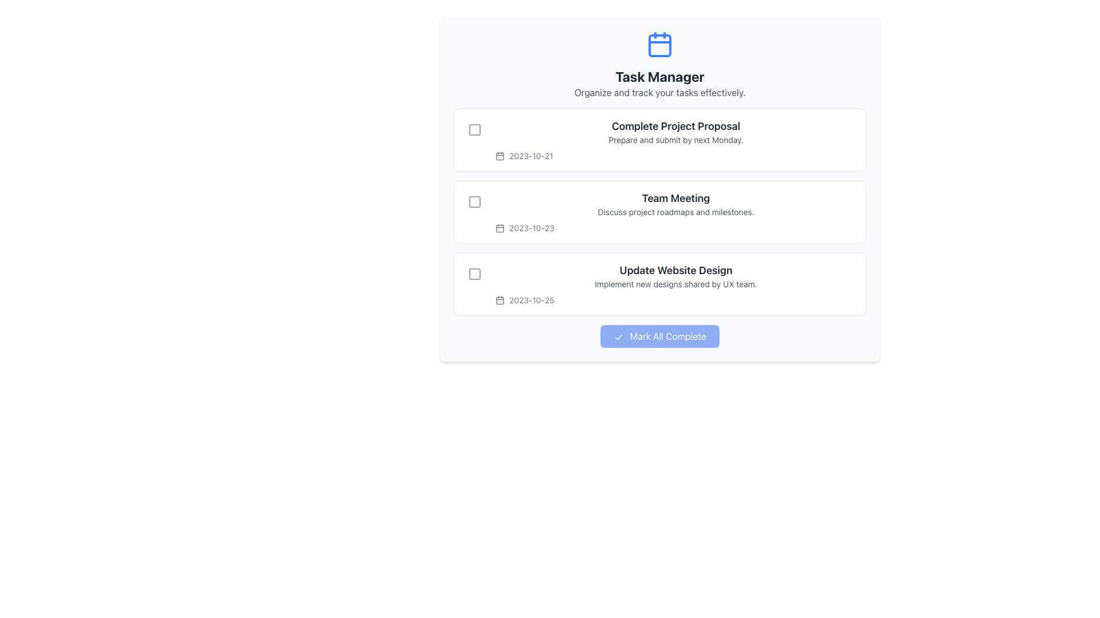 Image resolution: width=1100 pixels, height=618 pixels. Describe the element at coordinates (676, 198) in the screenshot. I see `the 'Team Meeting' header text label, which is prominently displayed in bold dark gray font as the second task item in the list` at that location.